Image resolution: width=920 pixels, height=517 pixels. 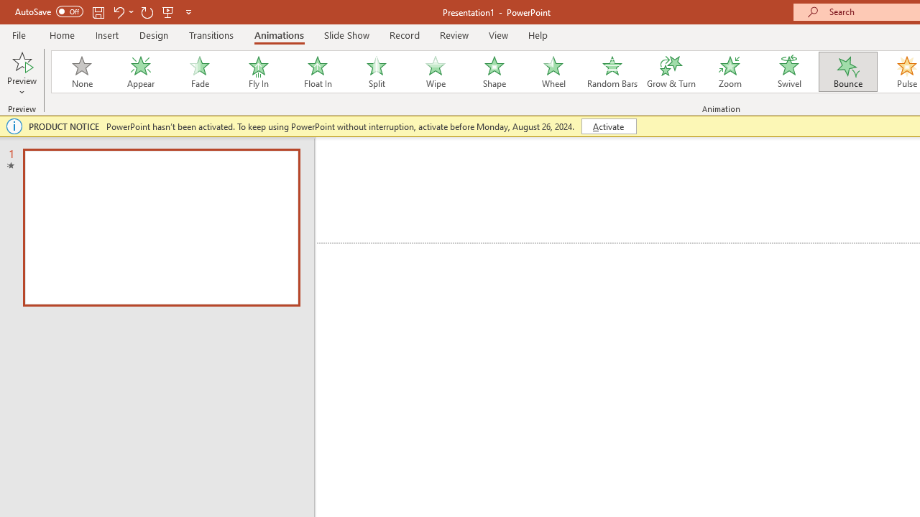 I want to click on 'Insert', so click(x=106, y=34).